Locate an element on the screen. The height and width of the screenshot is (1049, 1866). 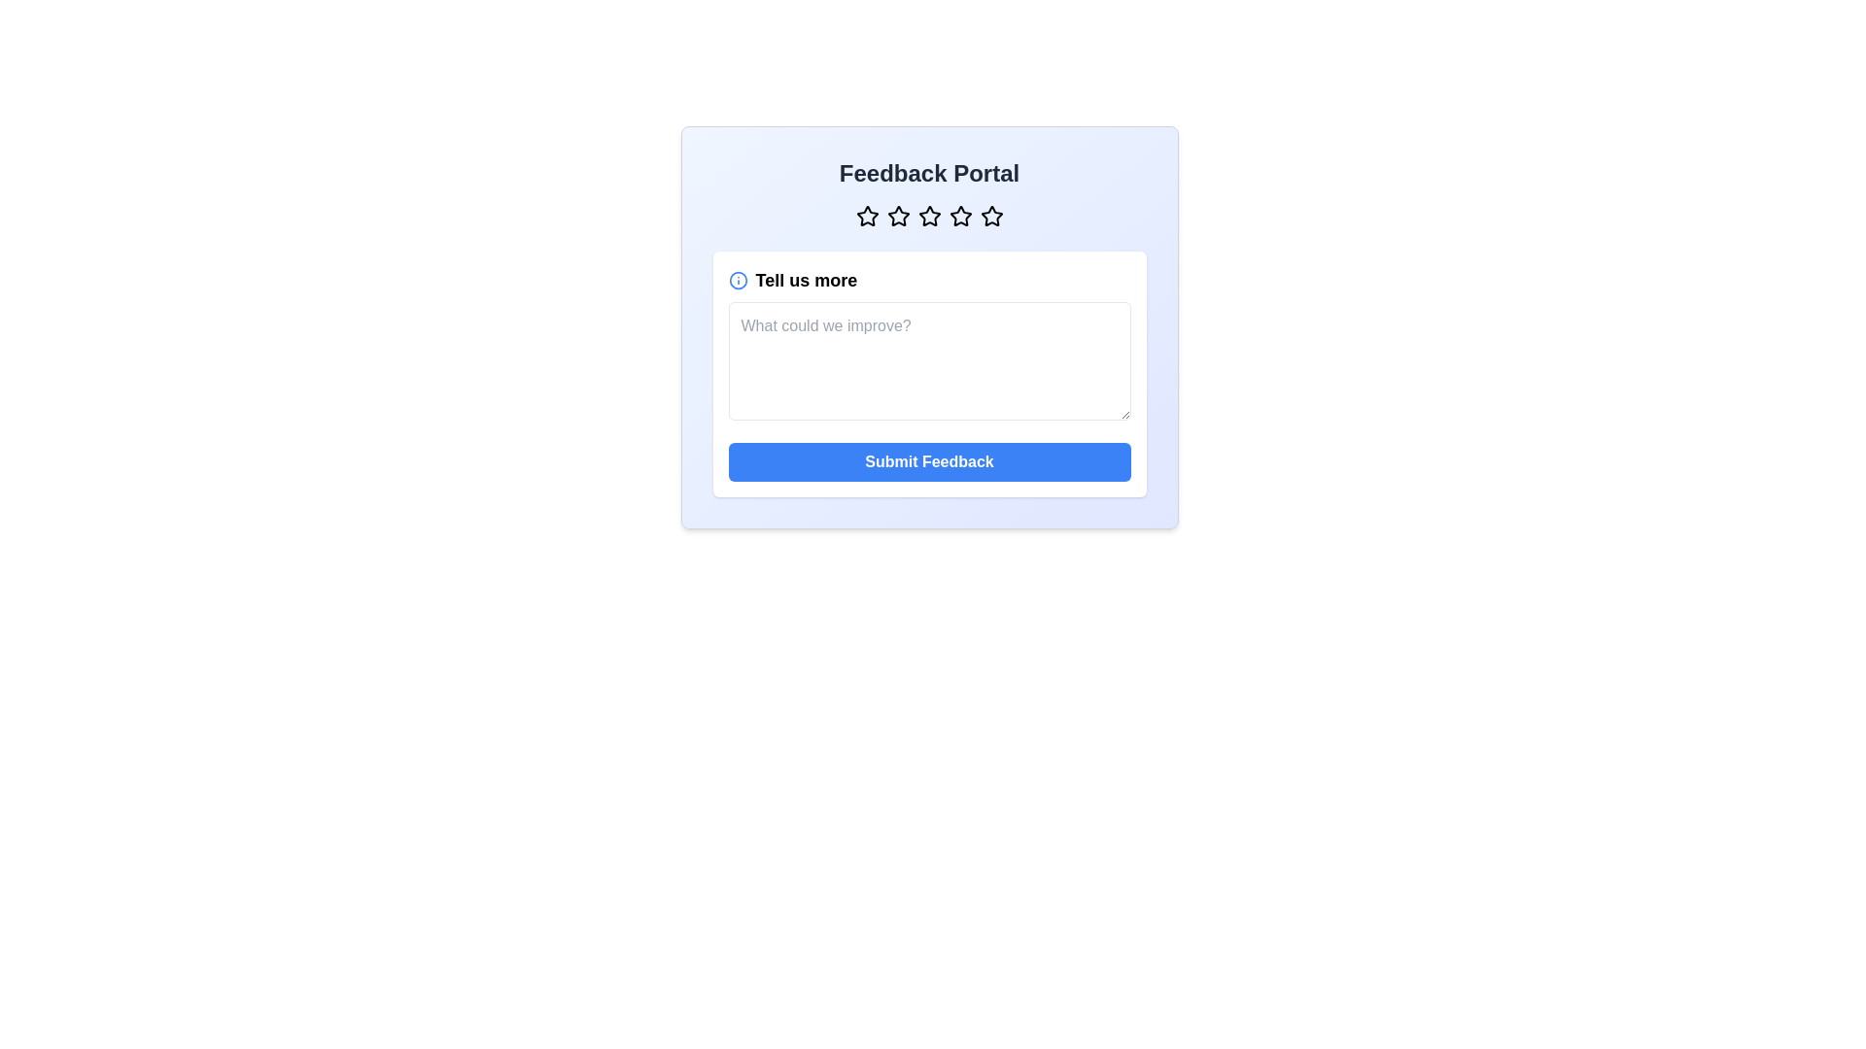
the highlighted third star in the rating component of the feedback form is located at coordinates (897, 216).